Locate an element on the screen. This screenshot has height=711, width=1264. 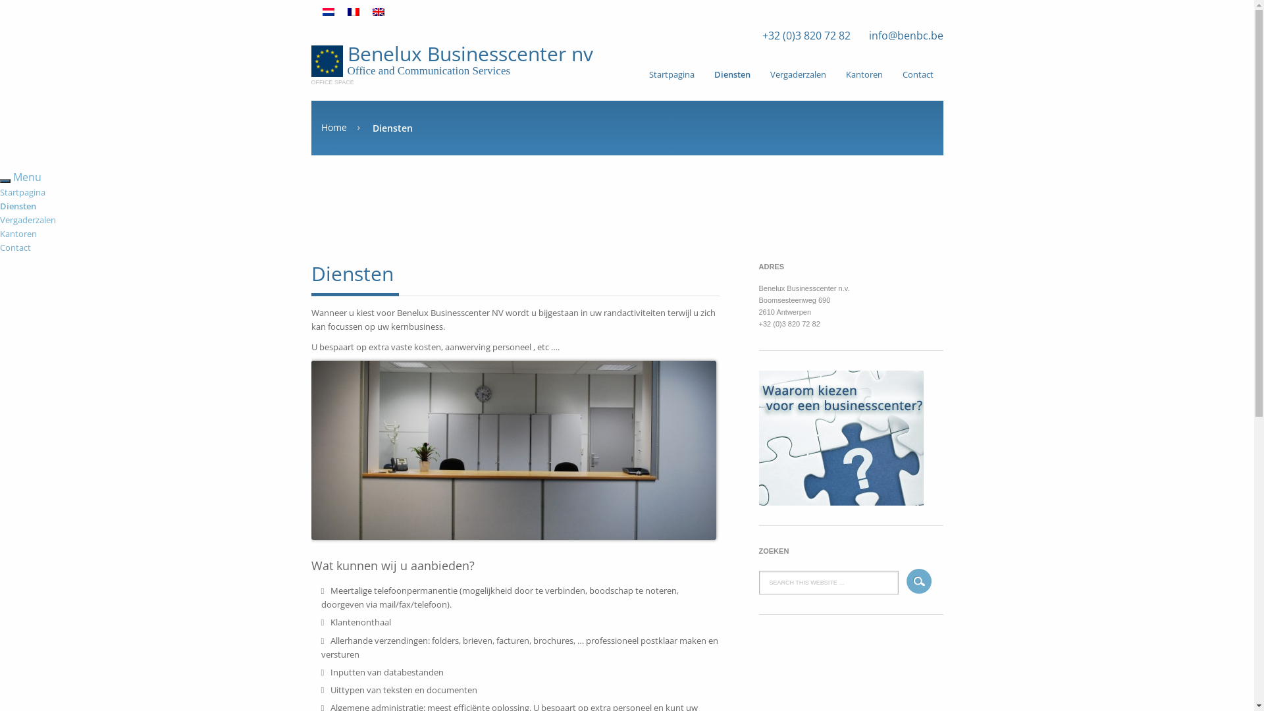
'Diensten' is located at coordinates (18, 205).